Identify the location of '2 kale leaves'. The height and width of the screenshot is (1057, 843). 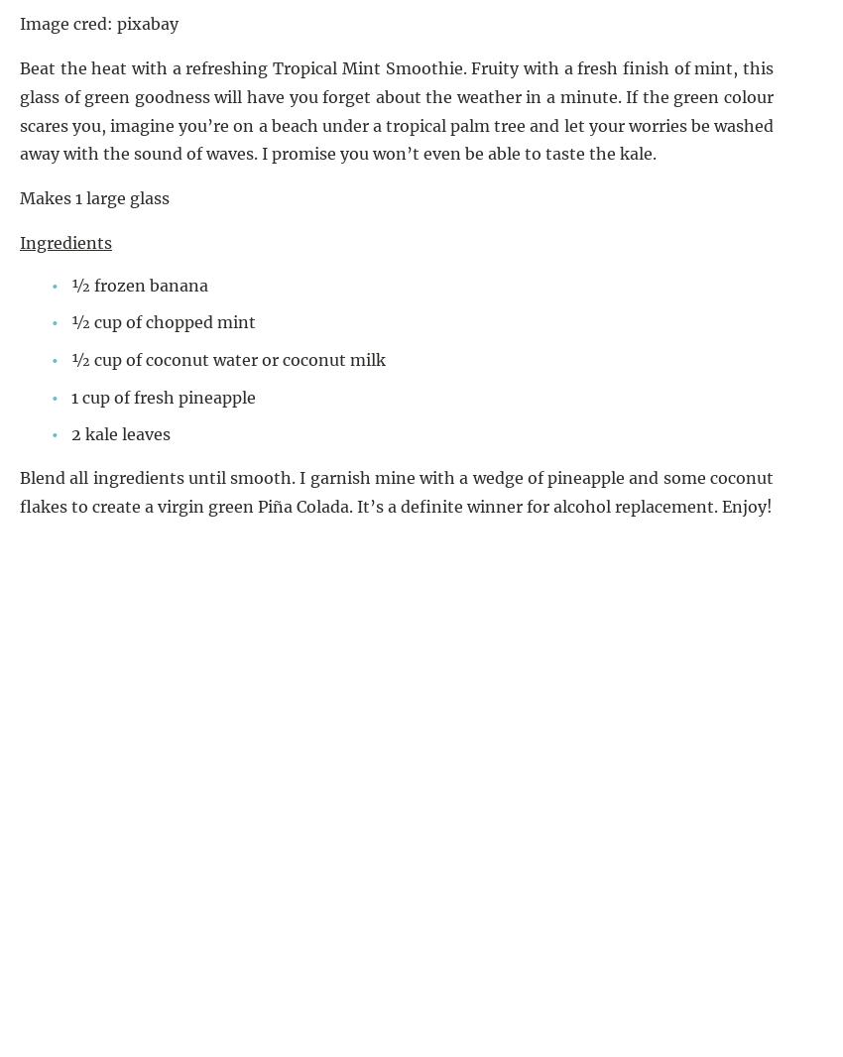
(119, 434).